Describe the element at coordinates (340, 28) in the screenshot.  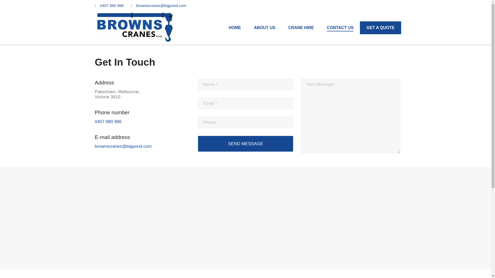
I see `'CONTACT US'` at that location.